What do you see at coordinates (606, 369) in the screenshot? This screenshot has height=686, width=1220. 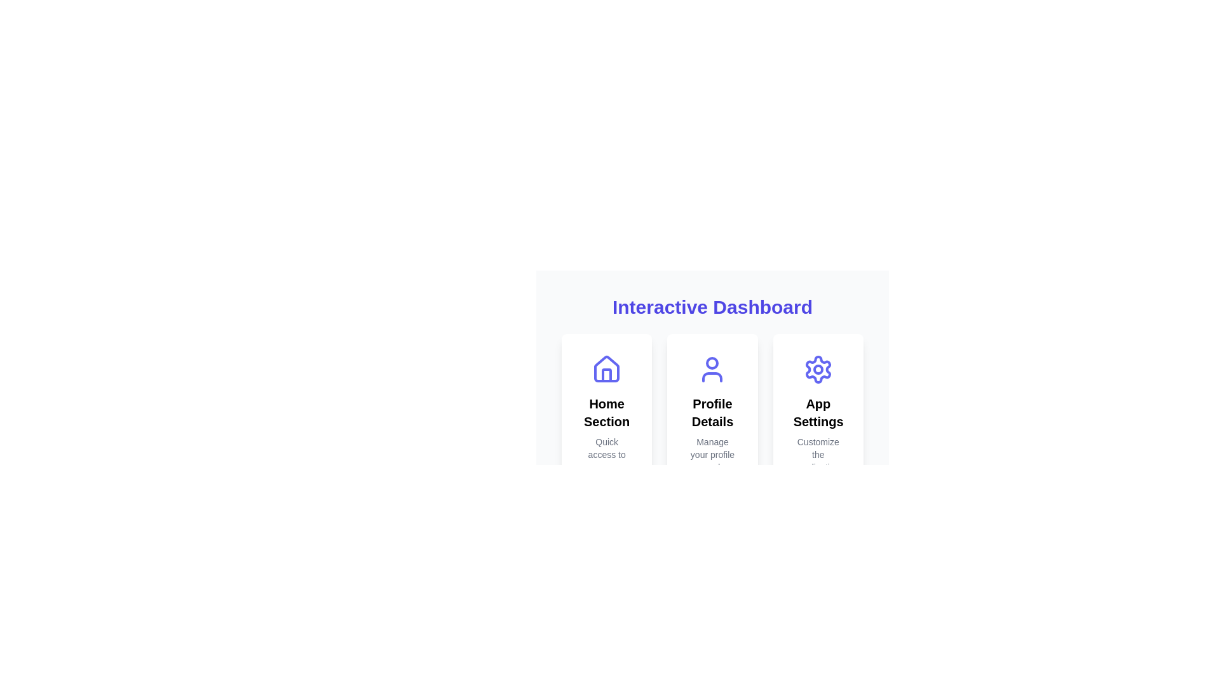 I see `upper segment of the house-shaped icon with a purple outline located in the first card beneath the 'Interactive Dashboard' title, which signifies the home section` at bounding box center [606, 369].